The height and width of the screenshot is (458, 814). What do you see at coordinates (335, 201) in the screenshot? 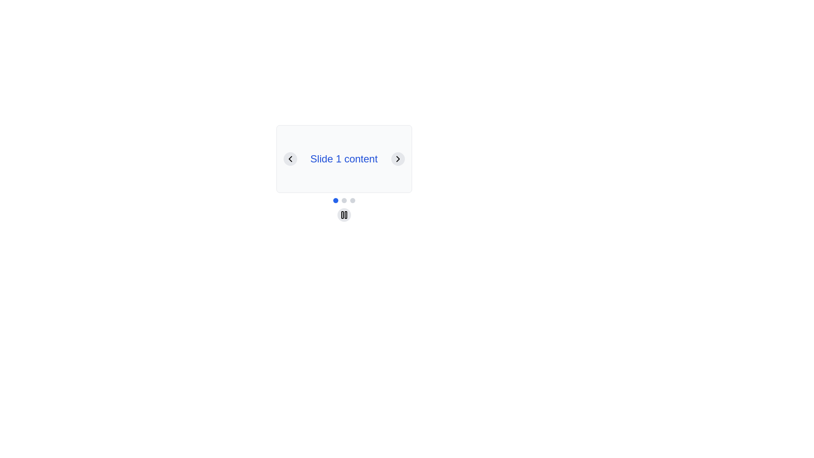
I see `the active state of the first blue Indicator Dot located below the slide content section, which is the leftmost of three indicators in a horizontal row` at bounding box center [335, 201].